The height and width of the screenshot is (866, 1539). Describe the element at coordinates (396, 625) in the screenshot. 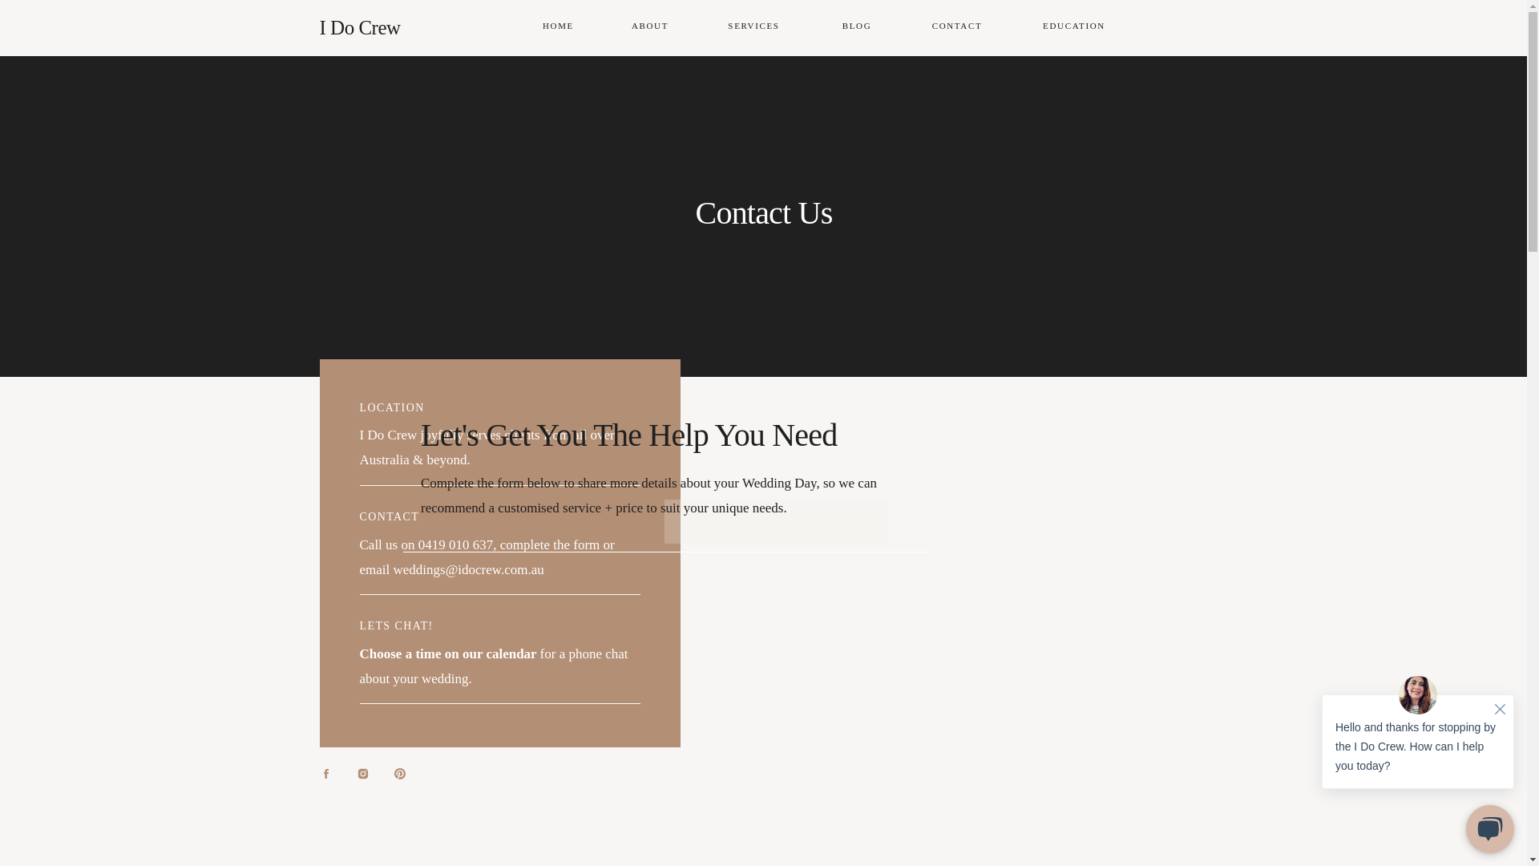

I see `'LETS CHAT!'` at that location.